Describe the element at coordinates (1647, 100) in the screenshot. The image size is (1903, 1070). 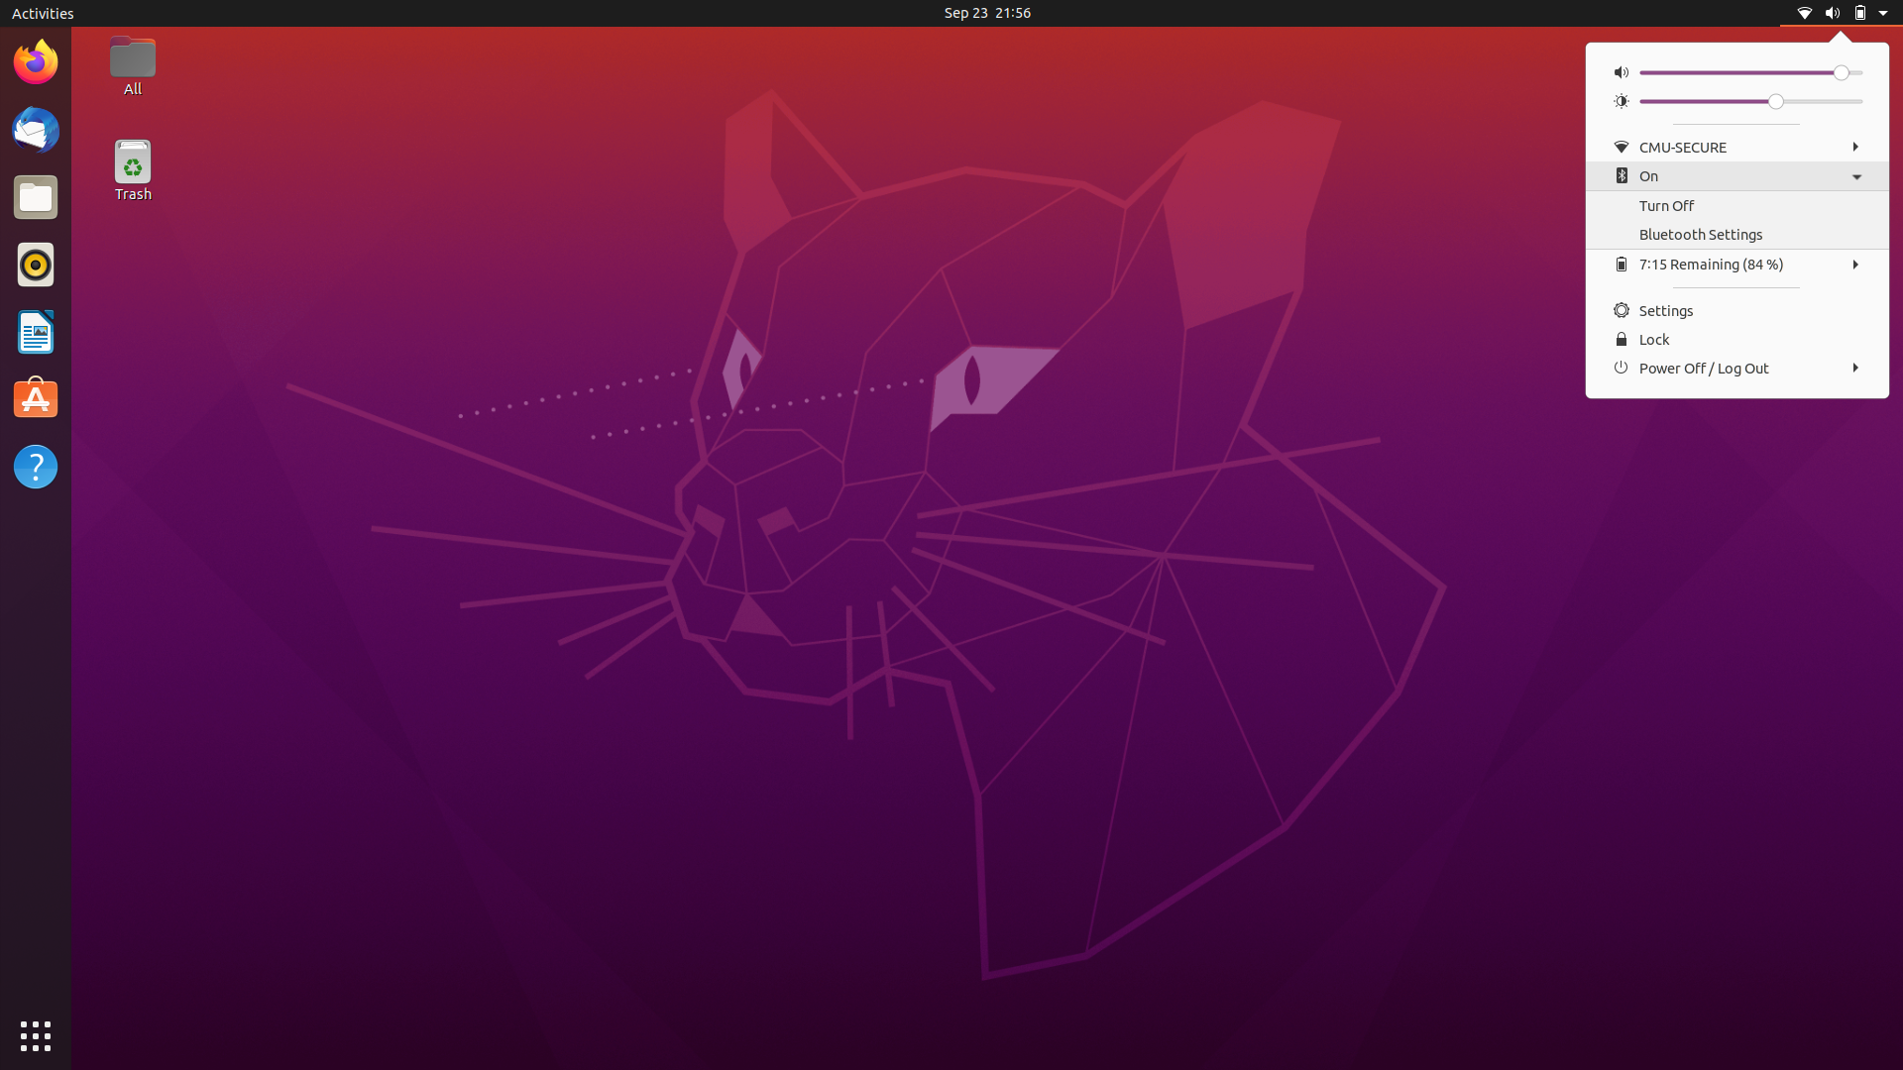
I see `Screen Brightness` at that location.